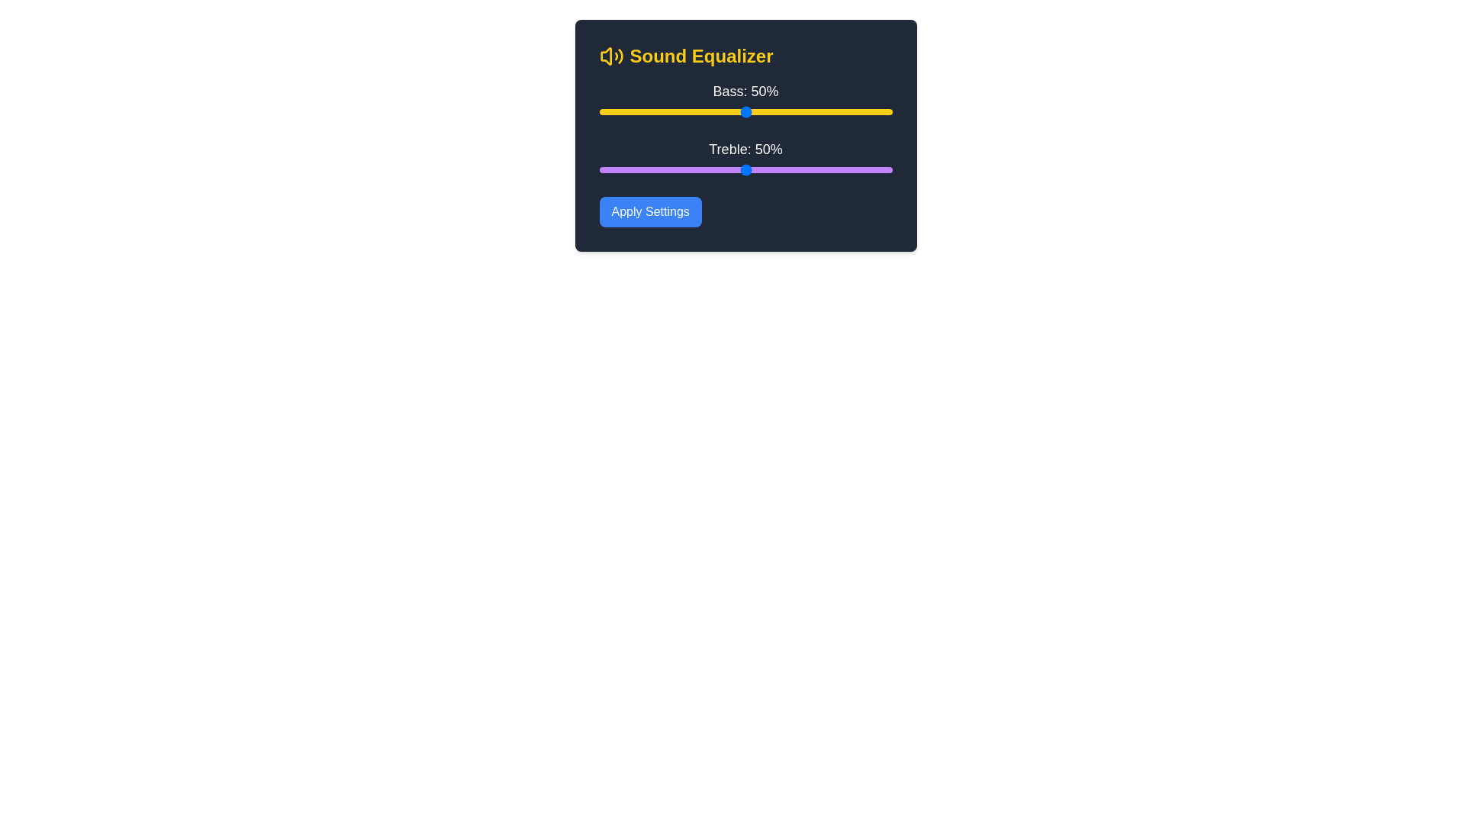  Describe the element at coordinates (821, 111) in the screenshot. I see `the bass level to 76% using the slider` at that location.